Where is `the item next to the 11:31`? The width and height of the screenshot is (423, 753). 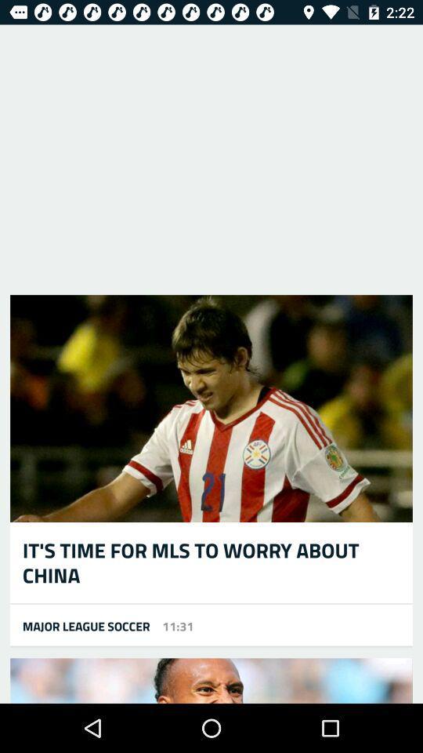 the item next to the 11:31 is located at coordinates (80, 626).